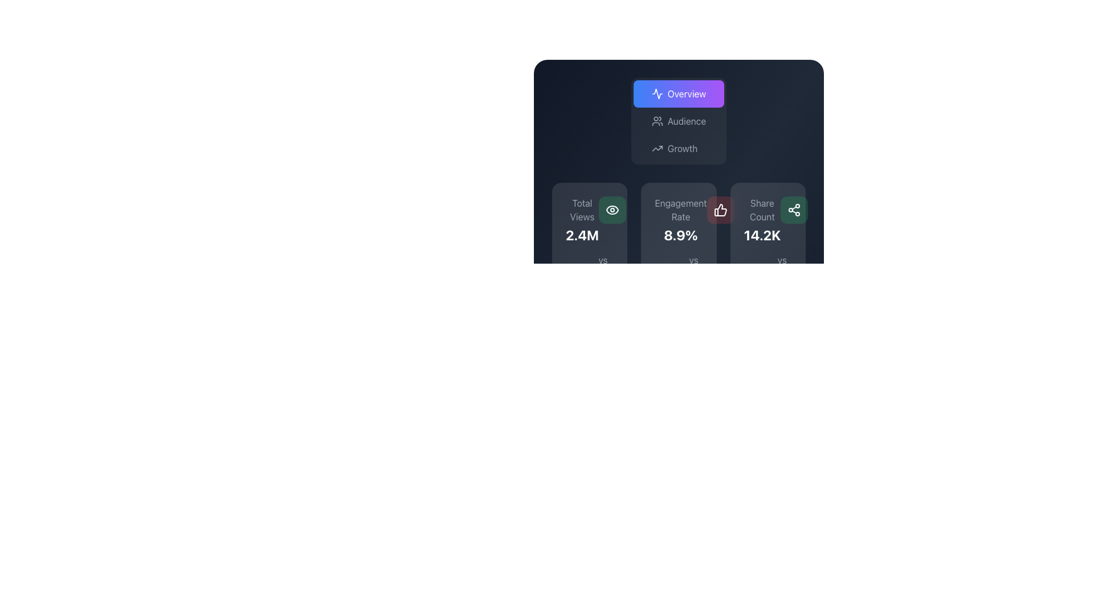  Describe the element at coordinates (657, 148) in the screenshot. I see `the upward-trending arrow icon next to the text 'Growth' in the options list` at that location.